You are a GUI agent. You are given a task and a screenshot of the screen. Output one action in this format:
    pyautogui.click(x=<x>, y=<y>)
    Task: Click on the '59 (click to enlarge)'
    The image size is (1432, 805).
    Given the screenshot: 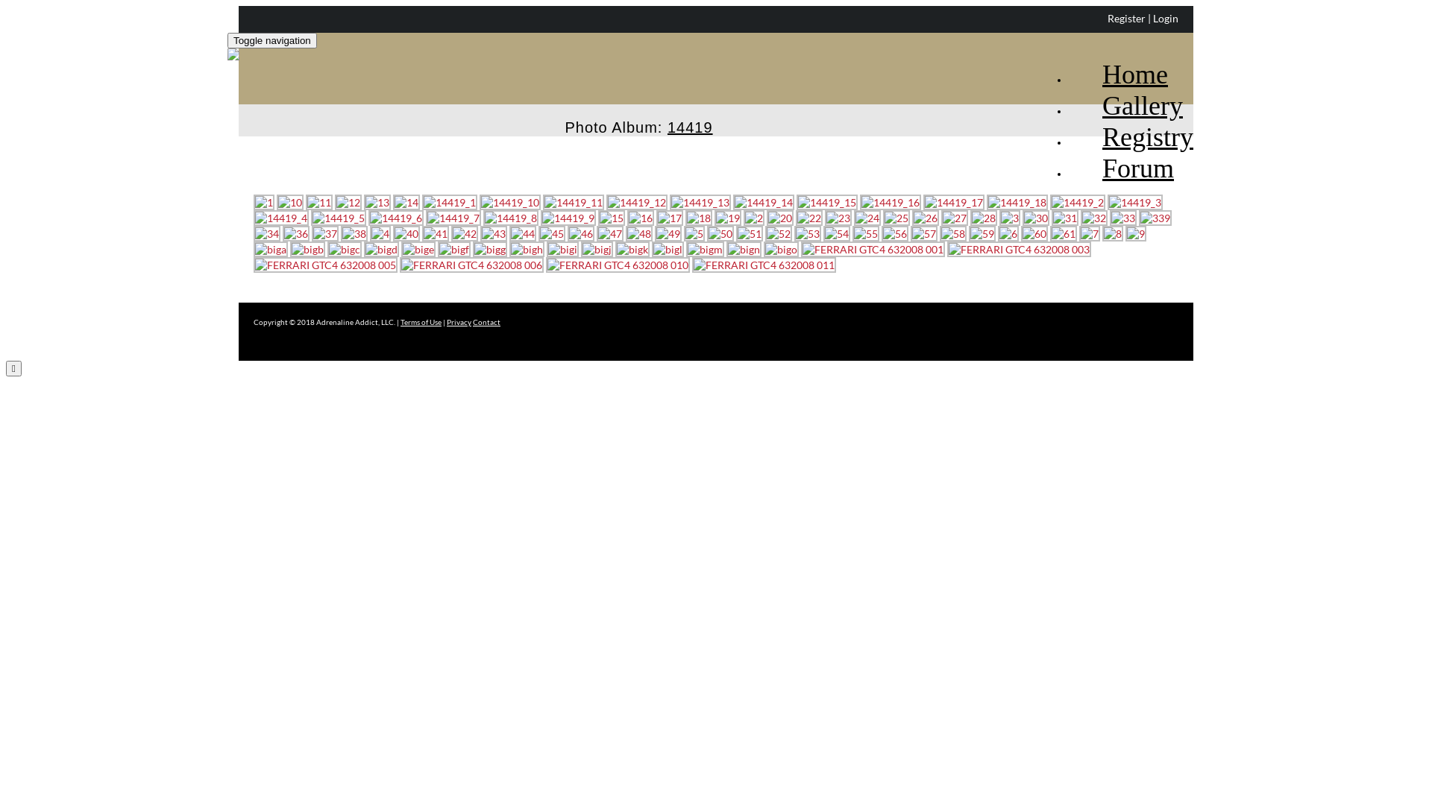 What is the action you would take?
    pyautogui.click(x=982, y=233)
    